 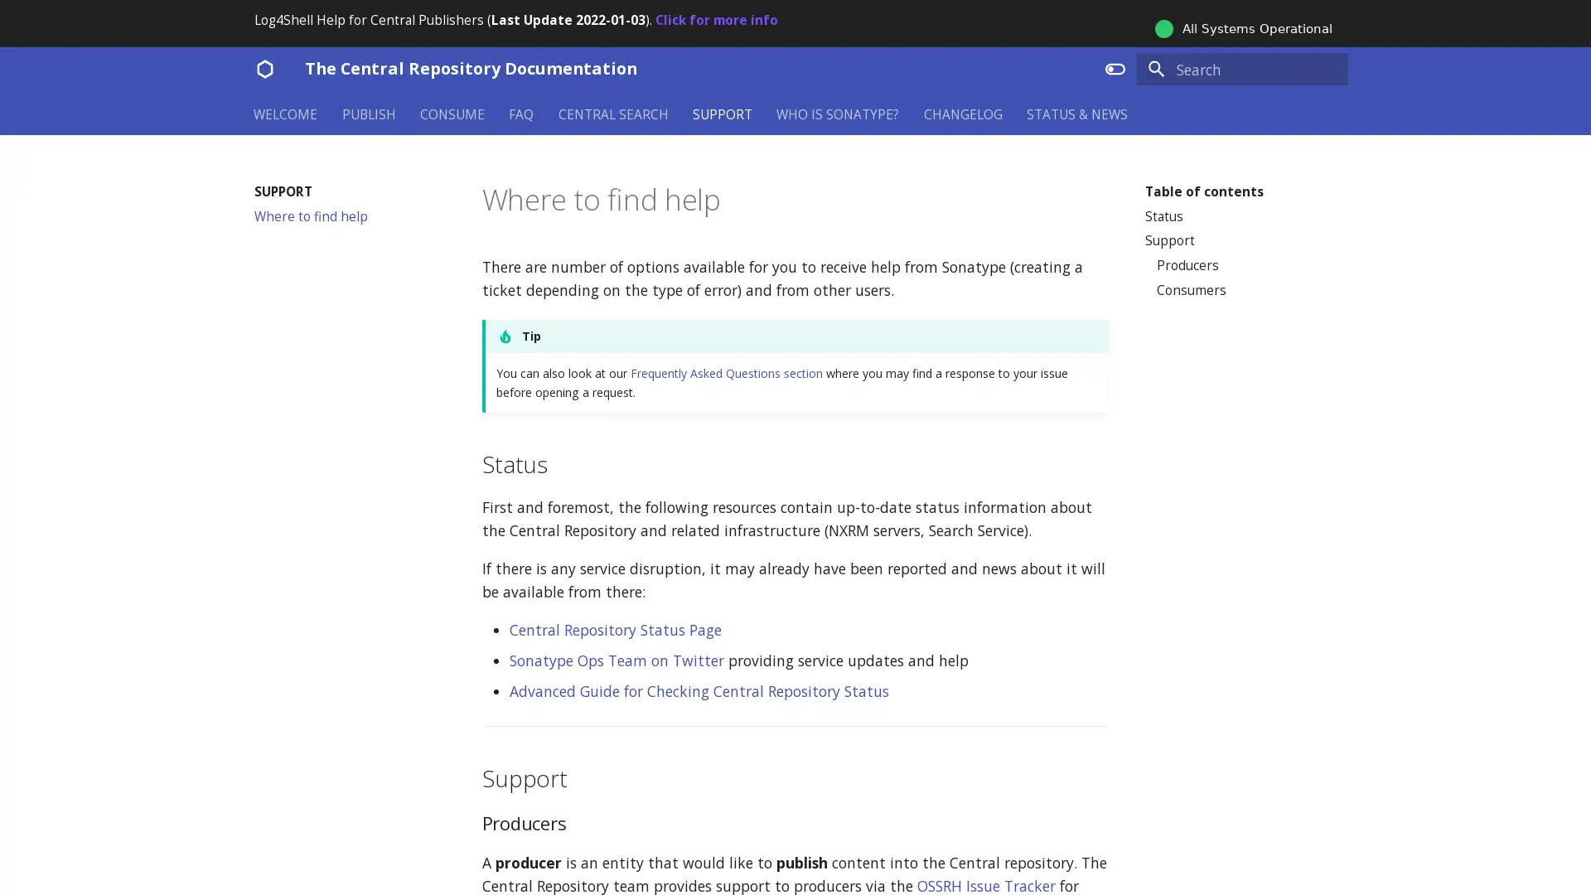 I want to click on Clear, so click(x=1327, y=68).